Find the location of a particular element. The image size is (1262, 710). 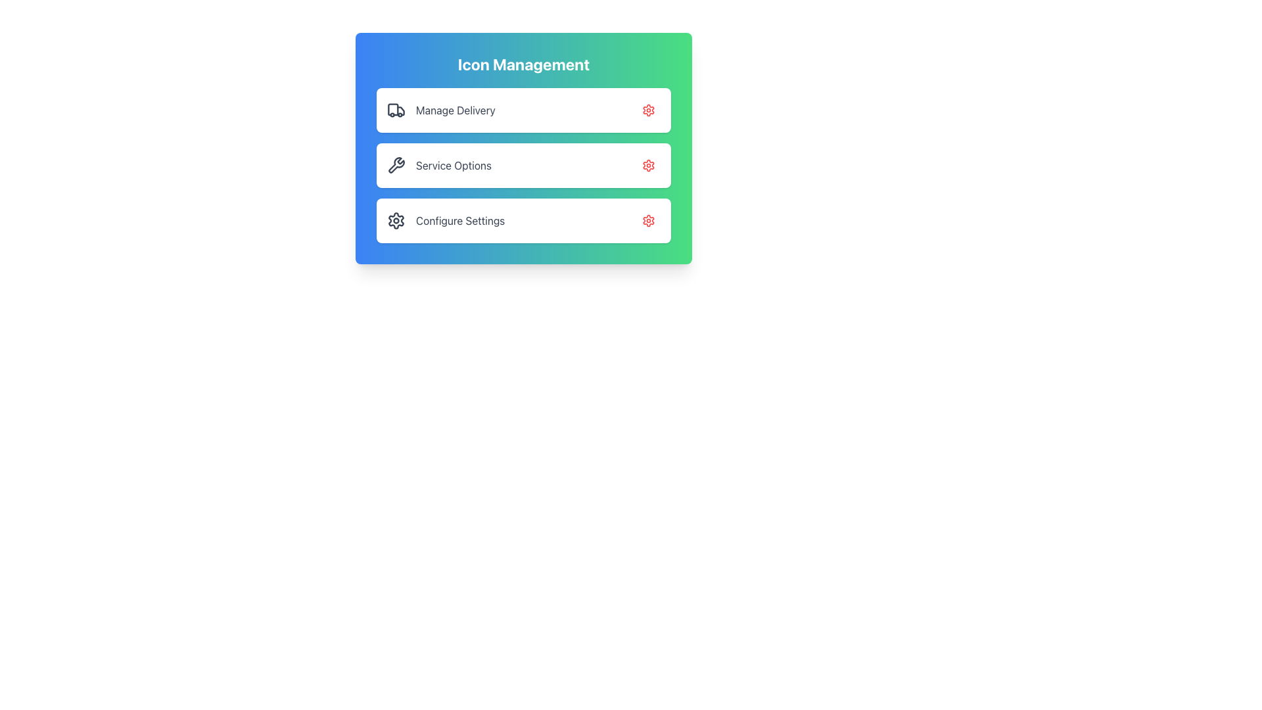

text label that describes the action or content associated with the menu card, located in the second entry of a vertically stacked list of options, centrally aligned within its containing card is located at coordinates (454, 164).